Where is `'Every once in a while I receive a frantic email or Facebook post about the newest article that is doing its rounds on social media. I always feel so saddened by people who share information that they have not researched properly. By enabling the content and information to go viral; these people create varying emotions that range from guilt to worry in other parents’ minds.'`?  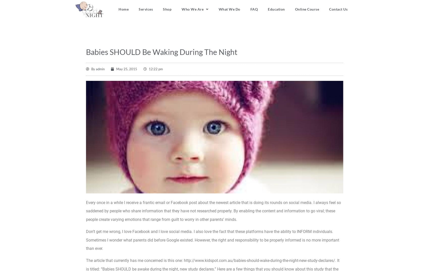
'Every once in a while I receive a frantic email or Facebook post about the newest article that is doing its rounds on social media. I always feel so saddened by people who share information that they have not researched properly. By enabling the content and information to go viral; these people create varying emotions that range from guilt to worry in other parents’ minds.' is located at coordinates (86, 211).